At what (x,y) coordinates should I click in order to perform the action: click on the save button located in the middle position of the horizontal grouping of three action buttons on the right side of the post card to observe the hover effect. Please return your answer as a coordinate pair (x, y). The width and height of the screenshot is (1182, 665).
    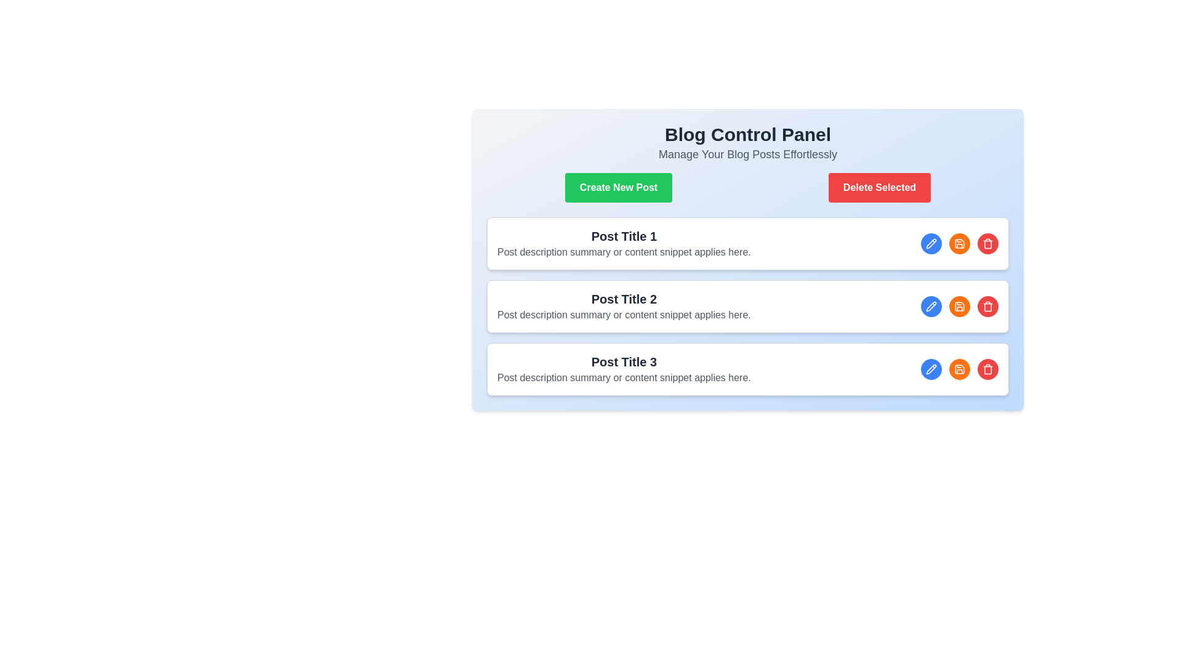
    Looking at the image, I should click on (959, 244).